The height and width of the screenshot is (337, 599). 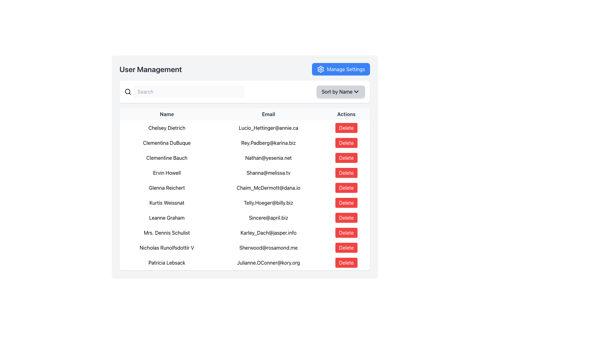 What do you see at coordinates (346, 217) in the screenshot?
I see `the red 'Delete' button with rounded edges in the Actions column corresponding to the user 'Leanne Graham'` at bounding box center [346, 217].